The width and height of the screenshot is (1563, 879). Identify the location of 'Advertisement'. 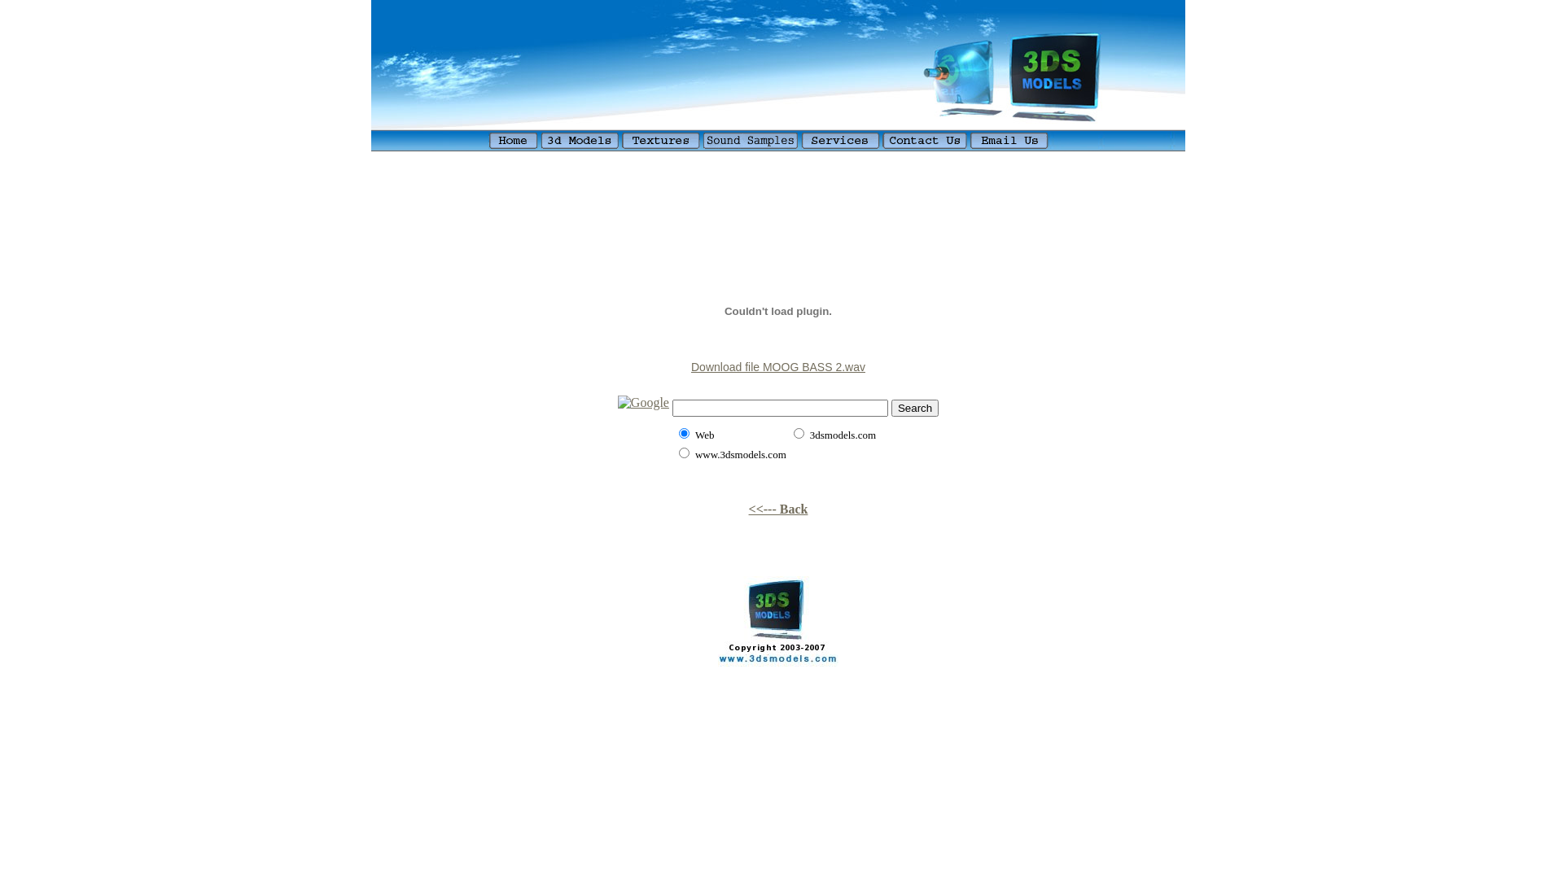
(777, 161).